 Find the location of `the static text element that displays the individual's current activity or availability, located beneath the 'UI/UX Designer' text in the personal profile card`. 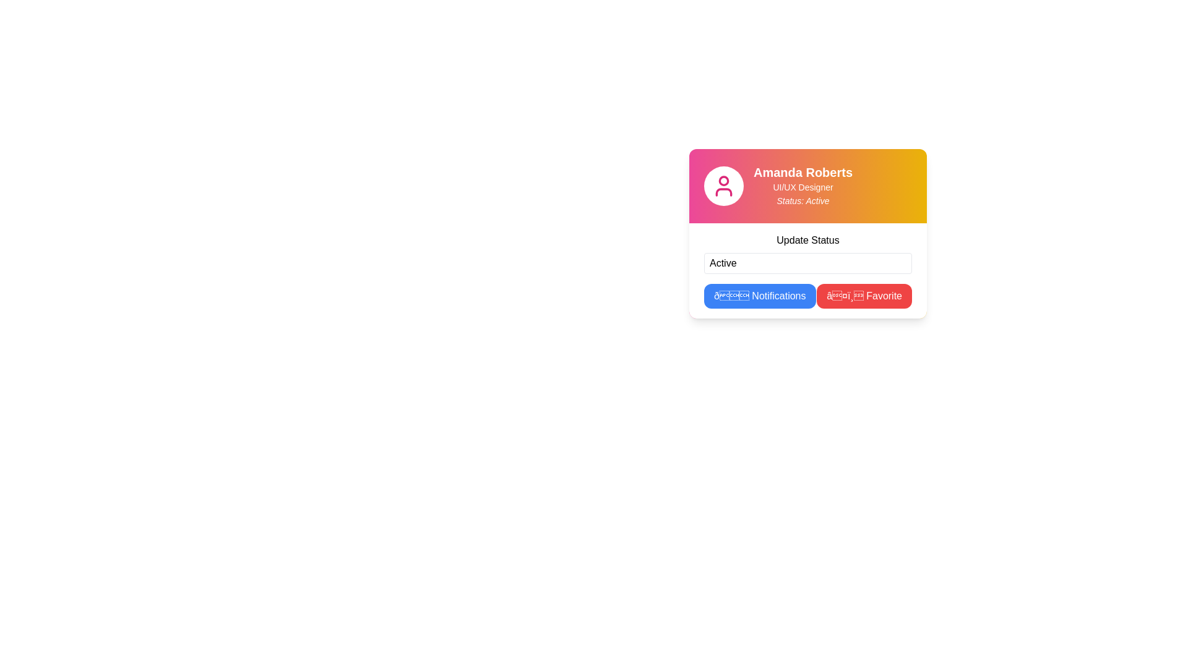

the static text element that displays the individual's current activity or availability, located beneath the 'UI/UX Designer' text in the personal profile card is located at coordinates (803, 200).